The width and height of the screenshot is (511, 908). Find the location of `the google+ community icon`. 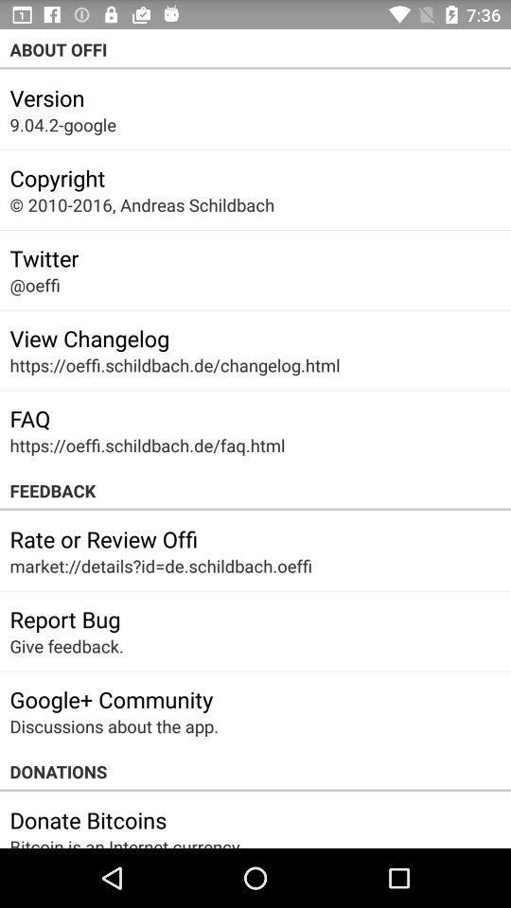

the google+ community icon is located at coordinates (111, 698).